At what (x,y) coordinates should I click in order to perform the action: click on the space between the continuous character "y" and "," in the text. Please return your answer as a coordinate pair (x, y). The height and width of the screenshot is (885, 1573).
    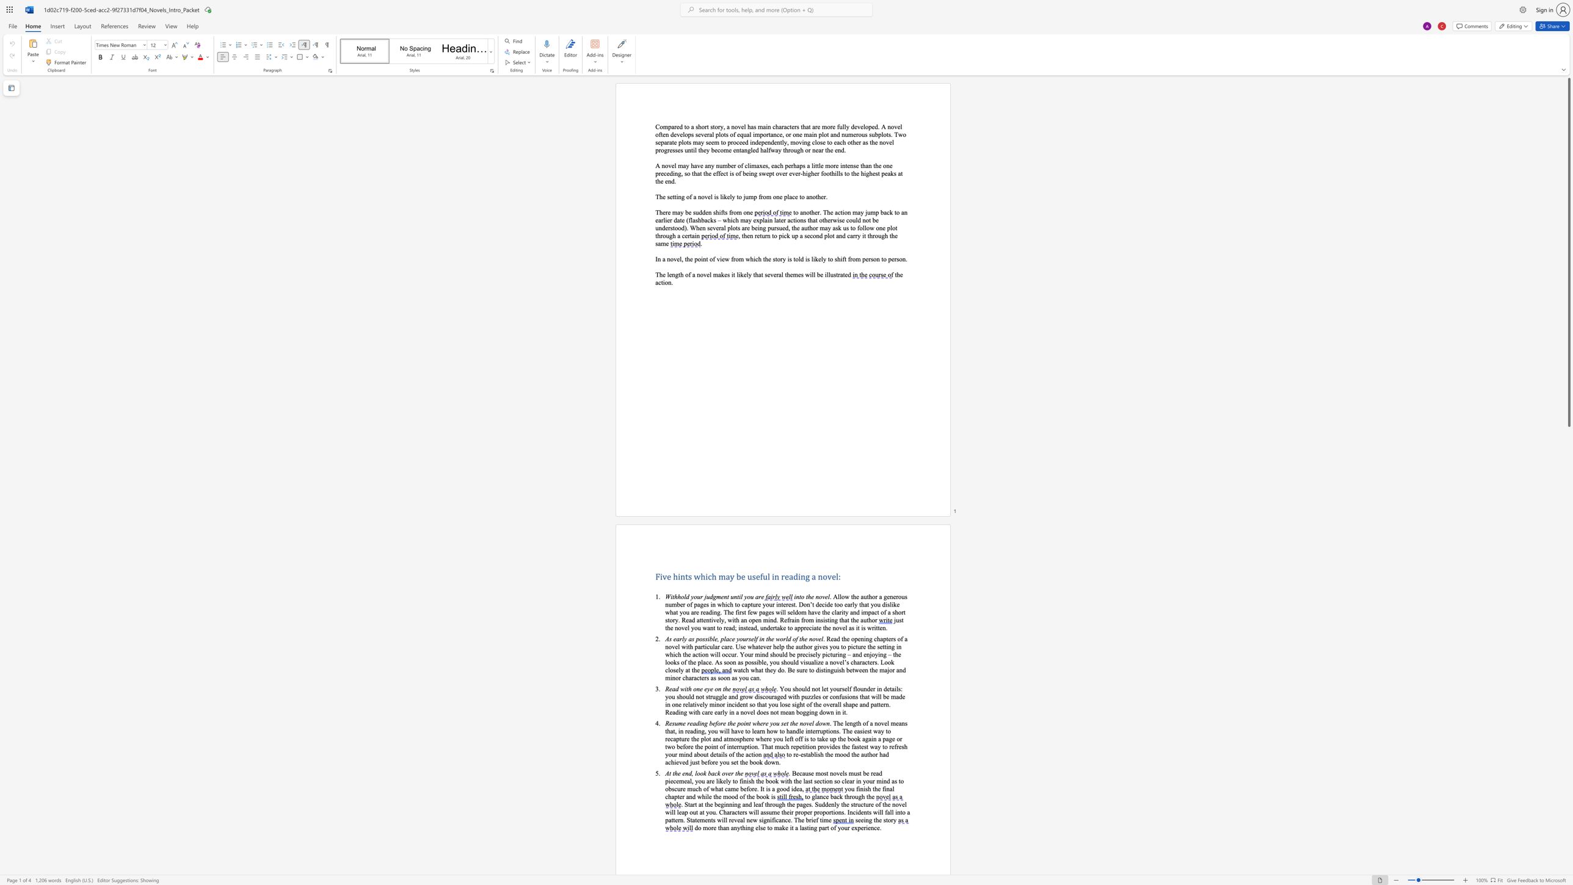
    Looking at the image, I should click on (724, 619).